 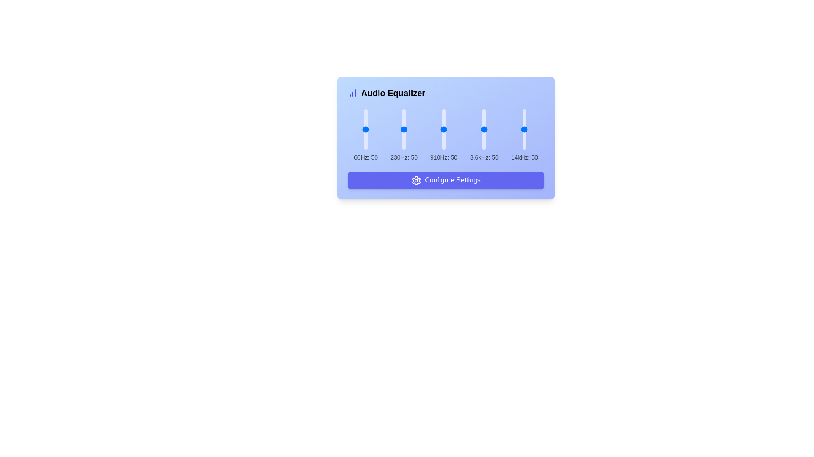 I want to click on bold text label 'Audio Equalizer' located in the top-left portion of the control panel interface, so click(x=393, y=93).